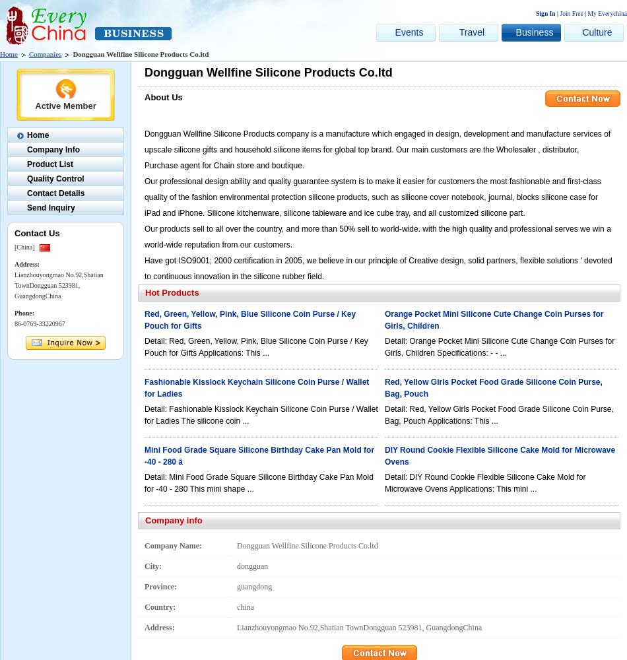  I want to click on 'Quality Control', so click(55, 179).